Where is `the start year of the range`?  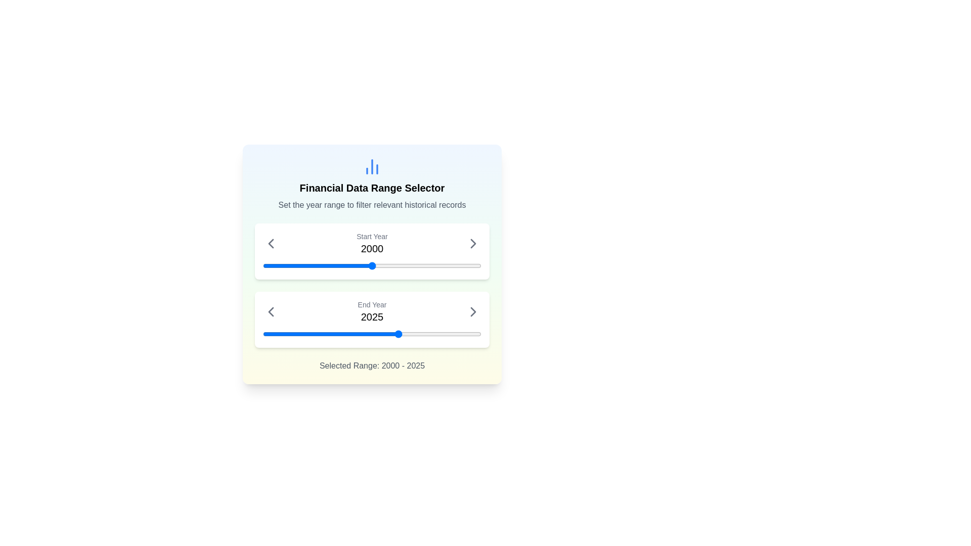
the start year of the range is located at coordinates (460, 265).